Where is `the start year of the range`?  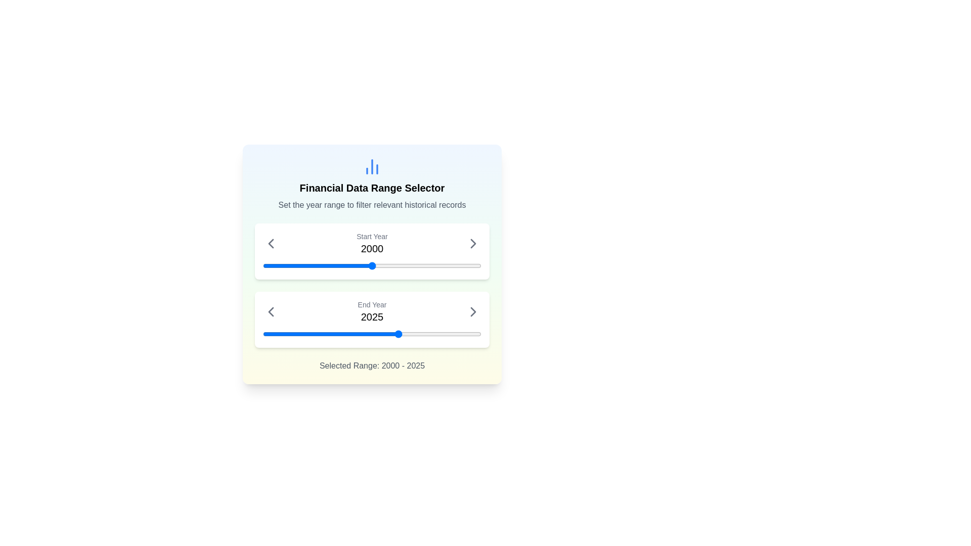
the start year of the range is located at coordinates (460, 265).